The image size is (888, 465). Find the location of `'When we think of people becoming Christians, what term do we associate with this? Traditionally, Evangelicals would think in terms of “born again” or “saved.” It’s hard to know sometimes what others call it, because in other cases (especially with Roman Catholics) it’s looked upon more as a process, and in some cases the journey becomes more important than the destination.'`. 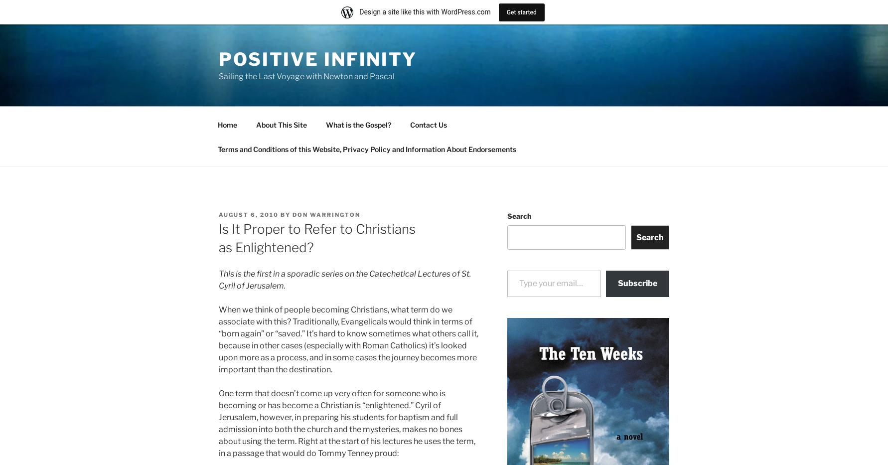

'When we think of people becoming Christians, what term do we associate with this? Traditionally, Evangelicals would think in terms of “born again” or “saved.” It’s hard to know sometimes what others call it, because in other cases (especially with Roman Catholics) it’s looked upon more as a process, and in some cases the journey becomes more important than the destination.' is located at coordinates (219, 339).